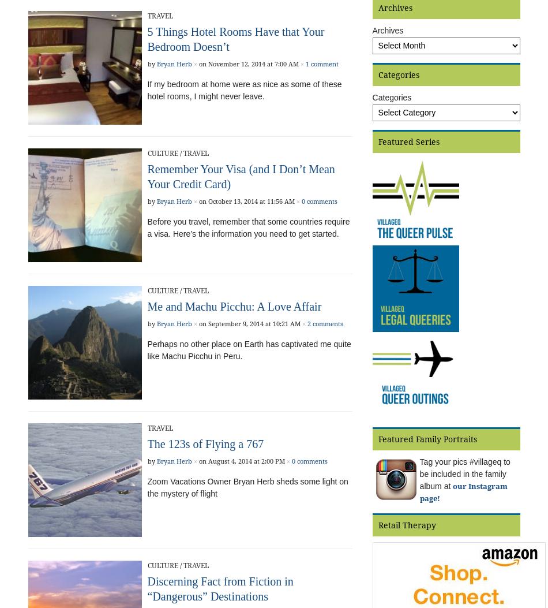 This screenshot has height=608, width=548. What do you see at coordinates (235, 39) in the screenshot?
I see `'5 Things Hotel Rooms Have that Your Bedroom Doesn’t'` at bounding box center [235, 39].